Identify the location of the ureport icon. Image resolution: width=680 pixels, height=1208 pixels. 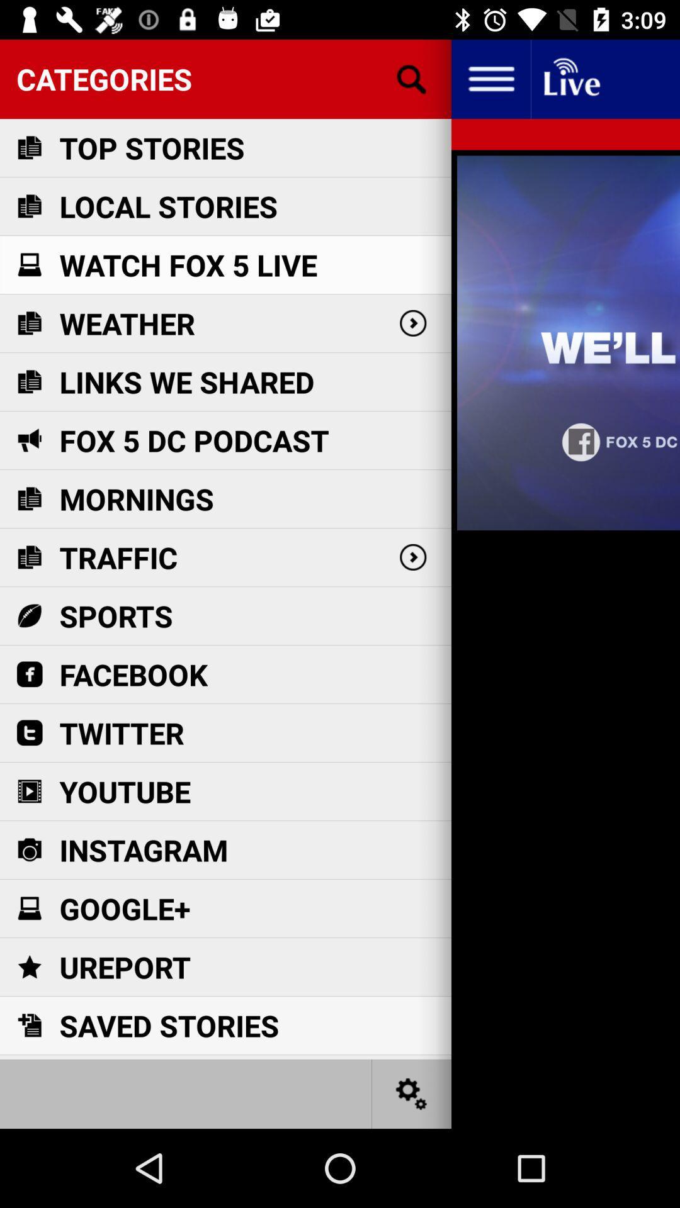
(125, 966).